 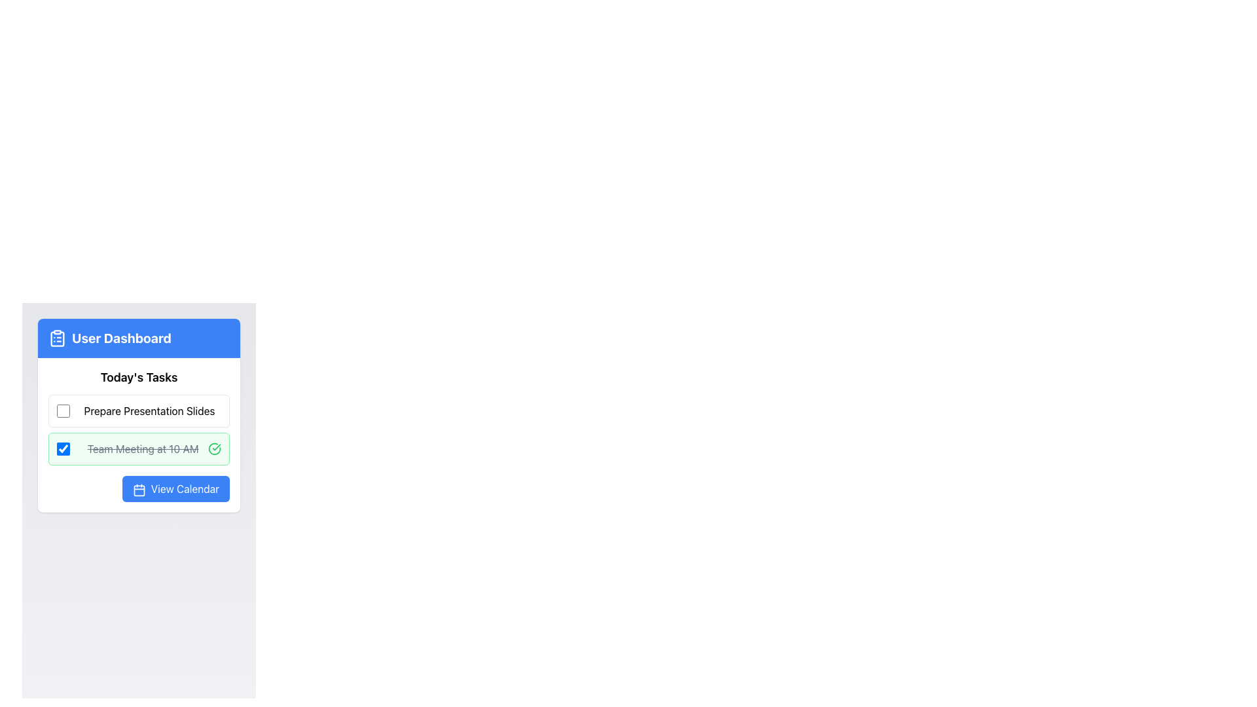 I want to click on the calendar icon located to the left of the 'View Calendar' text in the button at the bottom of the task section in the user dashboard, so click(x=139, y=490).